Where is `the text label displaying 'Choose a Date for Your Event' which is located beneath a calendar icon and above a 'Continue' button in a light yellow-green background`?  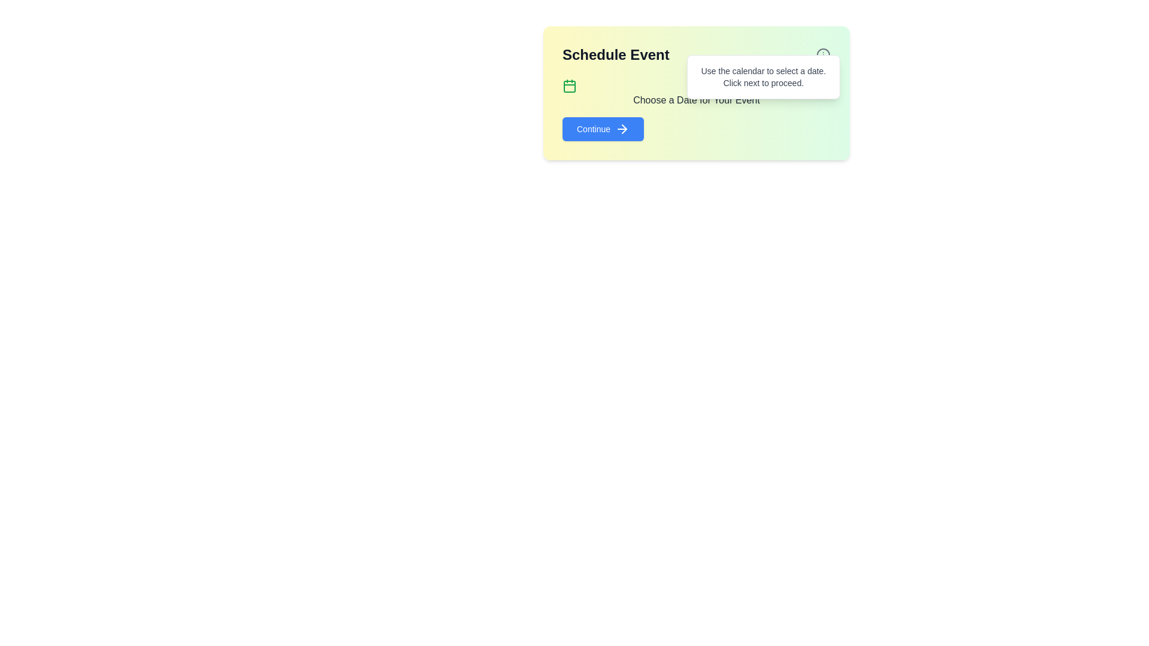 the text label displaying 'Choose a Date for Your Event' which is located beneath a calendar icon and above a 'Continue' button in a light yellow-green background is located at coordinates (696, 92).